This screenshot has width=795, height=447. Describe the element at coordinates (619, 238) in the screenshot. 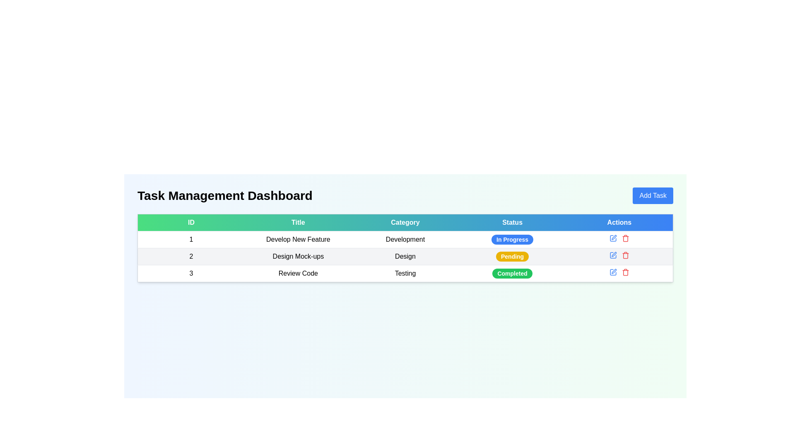

I see `the blue edit icon located in the 'Actions' column of the first row in the table to initiate editing` at that location.